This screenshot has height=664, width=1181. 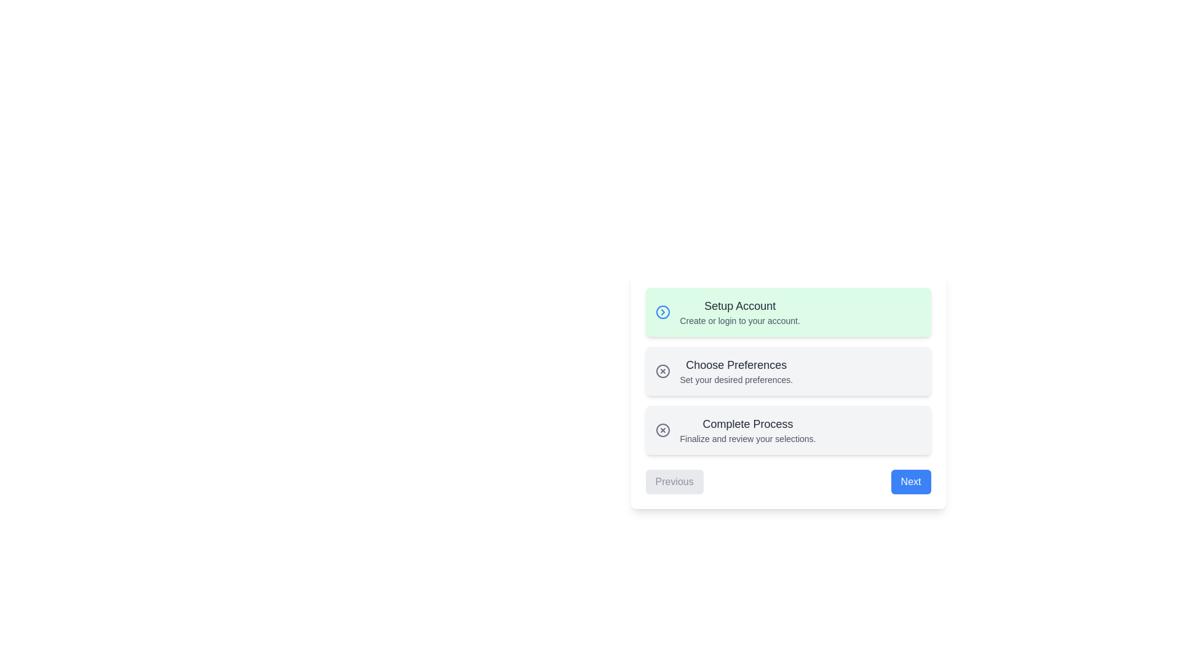 I want to click on the static text element that provides descriptive explanation under the 'Complete Process' header, so click(x=747, y=438).